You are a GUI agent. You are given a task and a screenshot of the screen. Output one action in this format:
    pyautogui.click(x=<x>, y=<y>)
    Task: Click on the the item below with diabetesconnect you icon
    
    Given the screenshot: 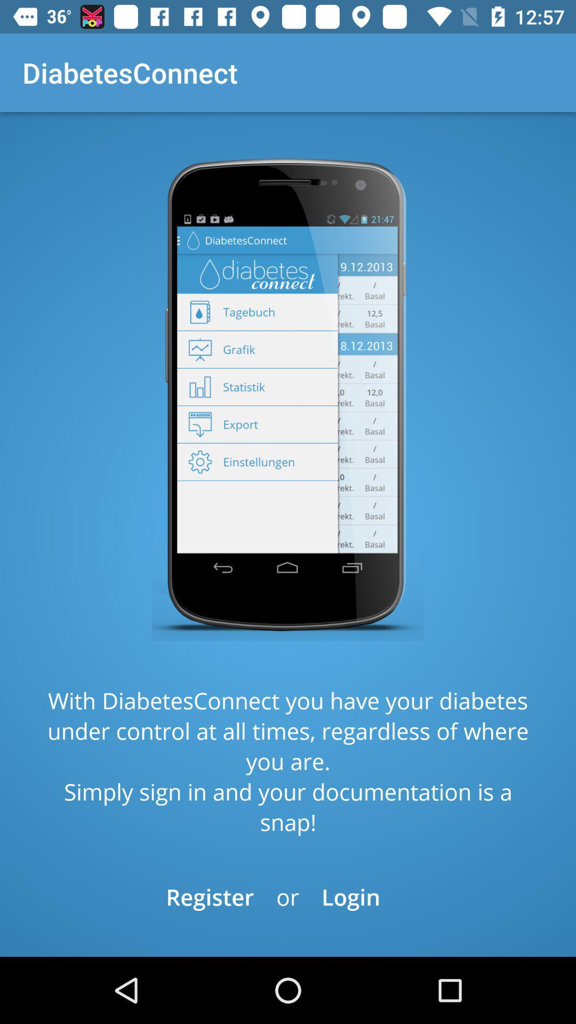 What is the action you would take?
    pyautogui.click(x=210, y=896)
    